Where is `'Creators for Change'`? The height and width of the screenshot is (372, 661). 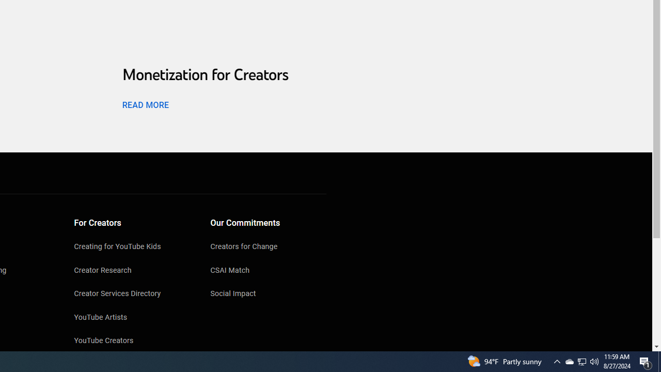
'Creators for Change' is located at coordinates (268, 247).